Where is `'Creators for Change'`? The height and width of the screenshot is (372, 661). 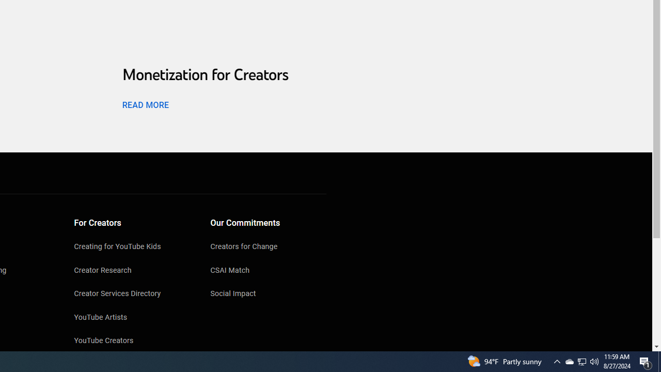
'Creators for Change' is located at coordinates (268, 247).